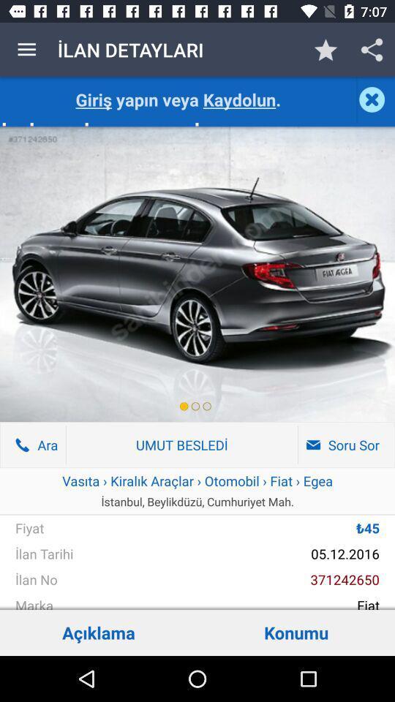  I want to click on the close icon, so click(375, 99).